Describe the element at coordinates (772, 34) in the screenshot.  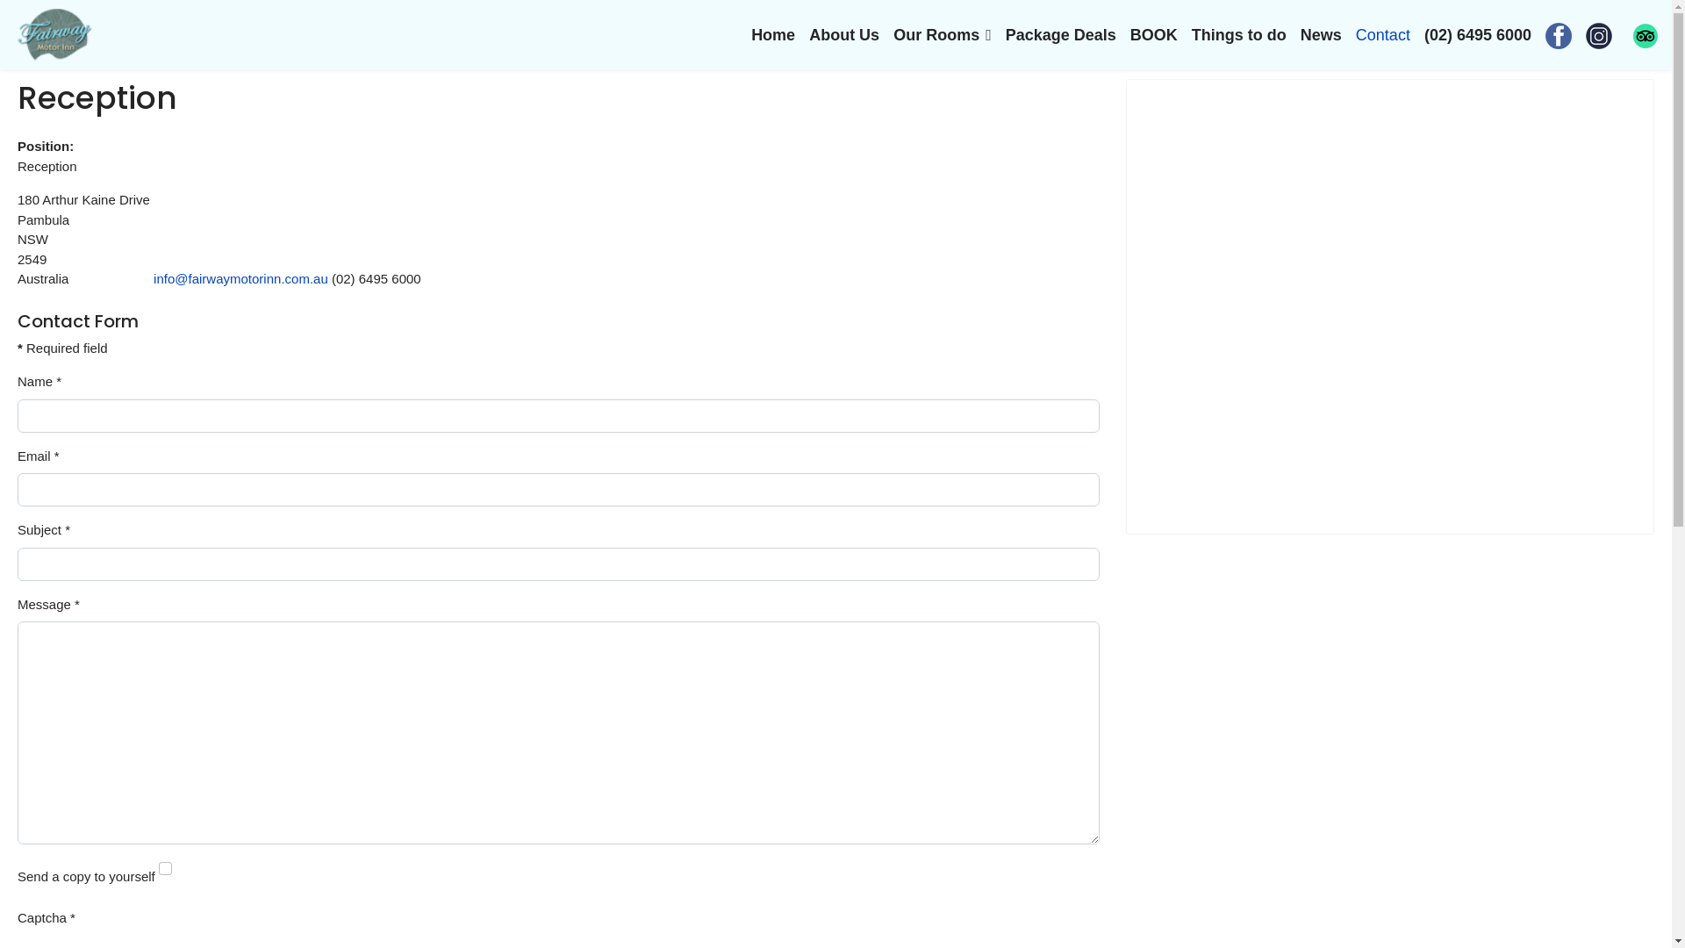
I see `'Home'` at that location.